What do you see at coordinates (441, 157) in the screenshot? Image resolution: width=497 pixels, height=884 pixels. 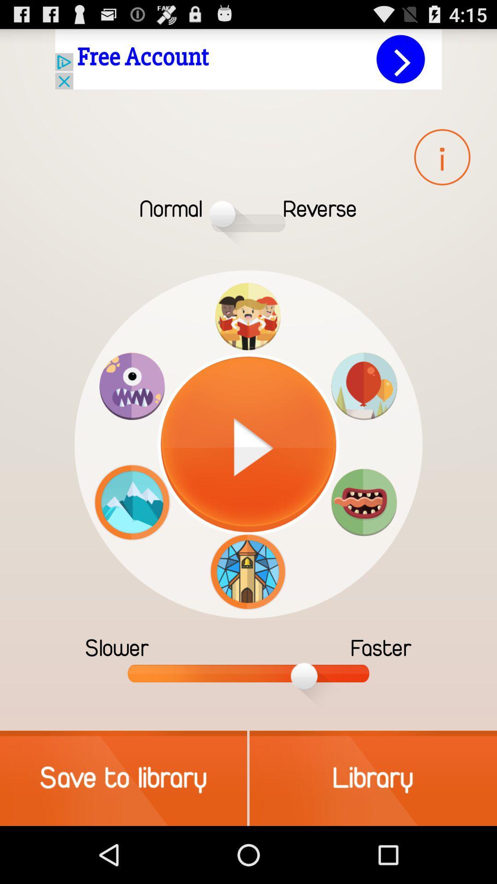 I see `the symbol which is above reverse` at bounding box center [441, 157].